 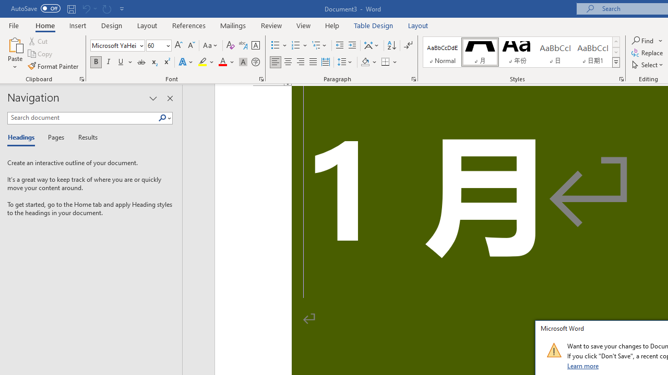 I want to click on 'Mailings', so click(x=233, y=25).